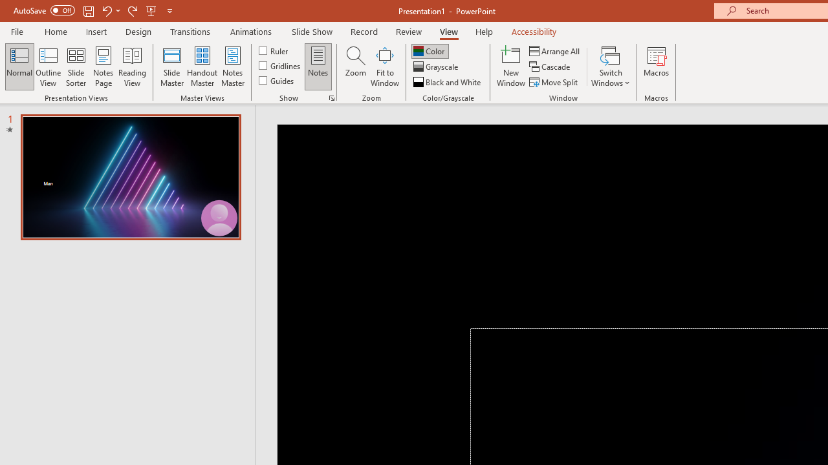 The image size is (828, 465). What do you see at coordinates (384, 67) in the screenshot?
I see `'Fit to Window'` at bounding box center [384, 67].